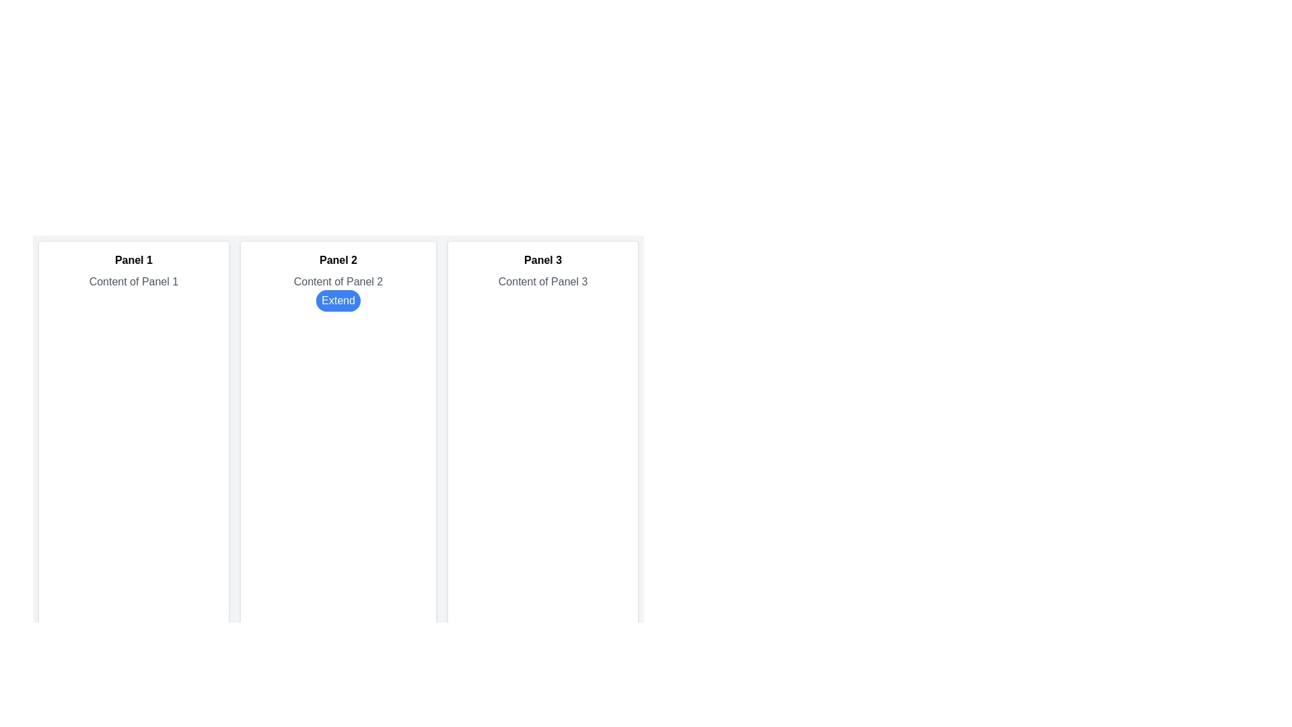 This screenshot has height=727, width=1292. I want to click on the static text label that provides descriptive content for 'Panel 1', located below the 'Panel 1' heading and above the 'Extend' button, so click(133, 281).